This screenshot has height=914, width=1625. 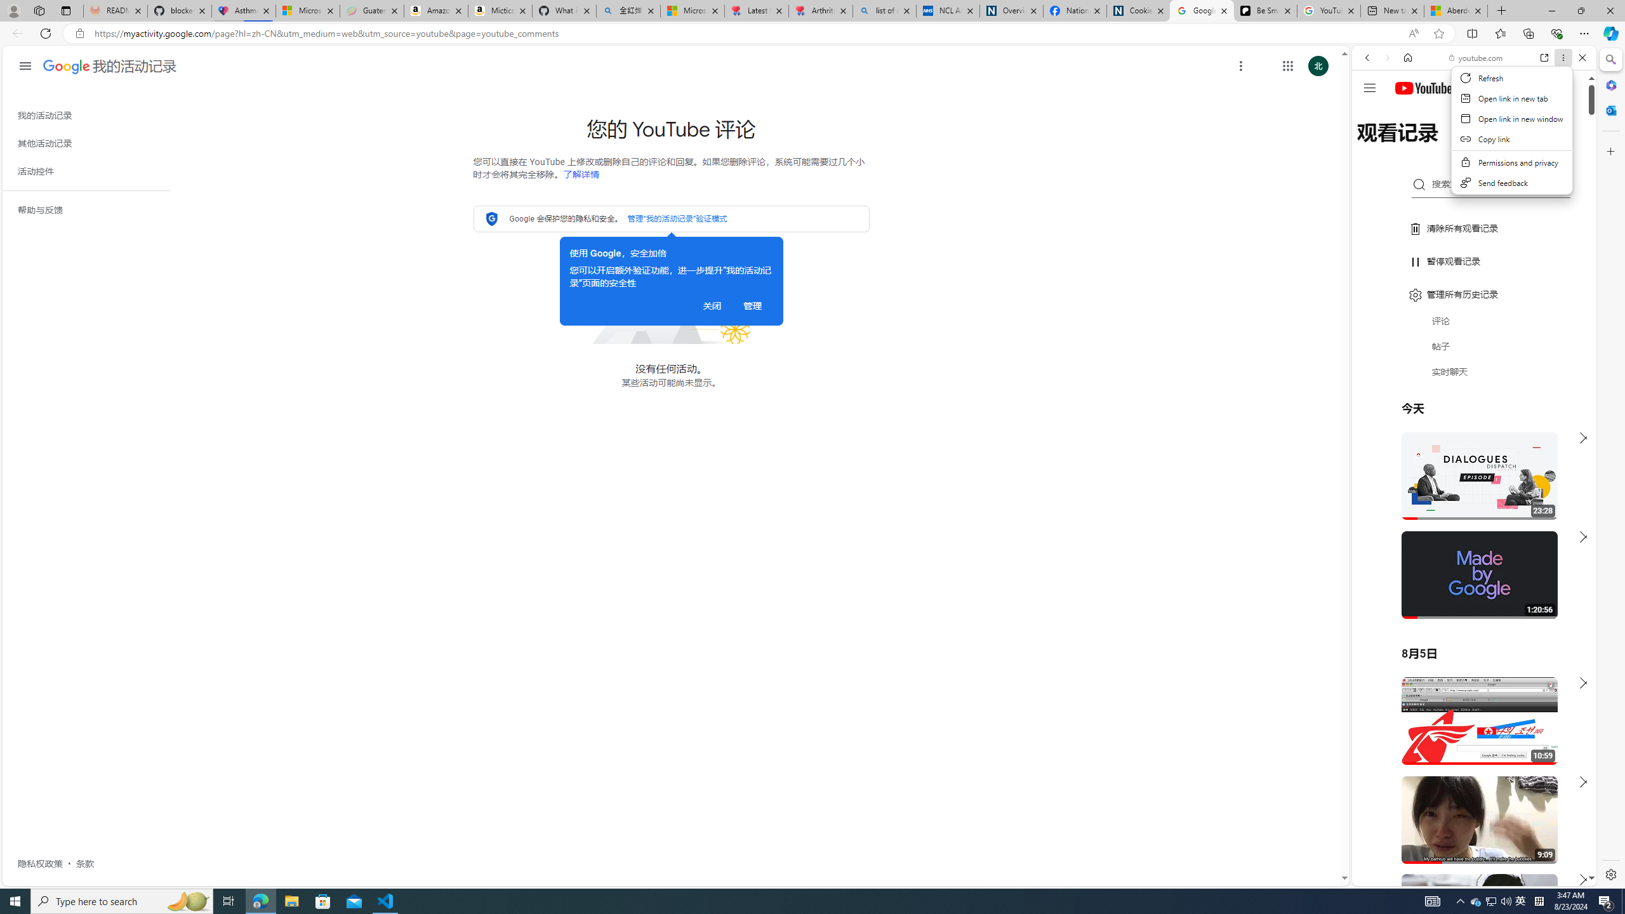 What do you see at coordinates (1511, 129) in the screenshot?
I see `'Context'` at bounding box center [1511, 129].